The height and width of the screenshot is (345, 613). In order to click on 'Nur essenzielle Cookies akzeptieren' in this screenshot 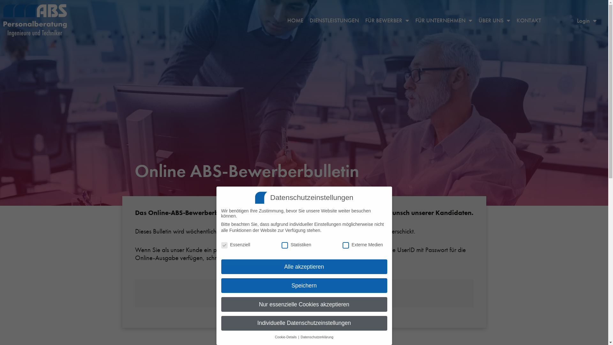, I will do `click(221, 304)`.